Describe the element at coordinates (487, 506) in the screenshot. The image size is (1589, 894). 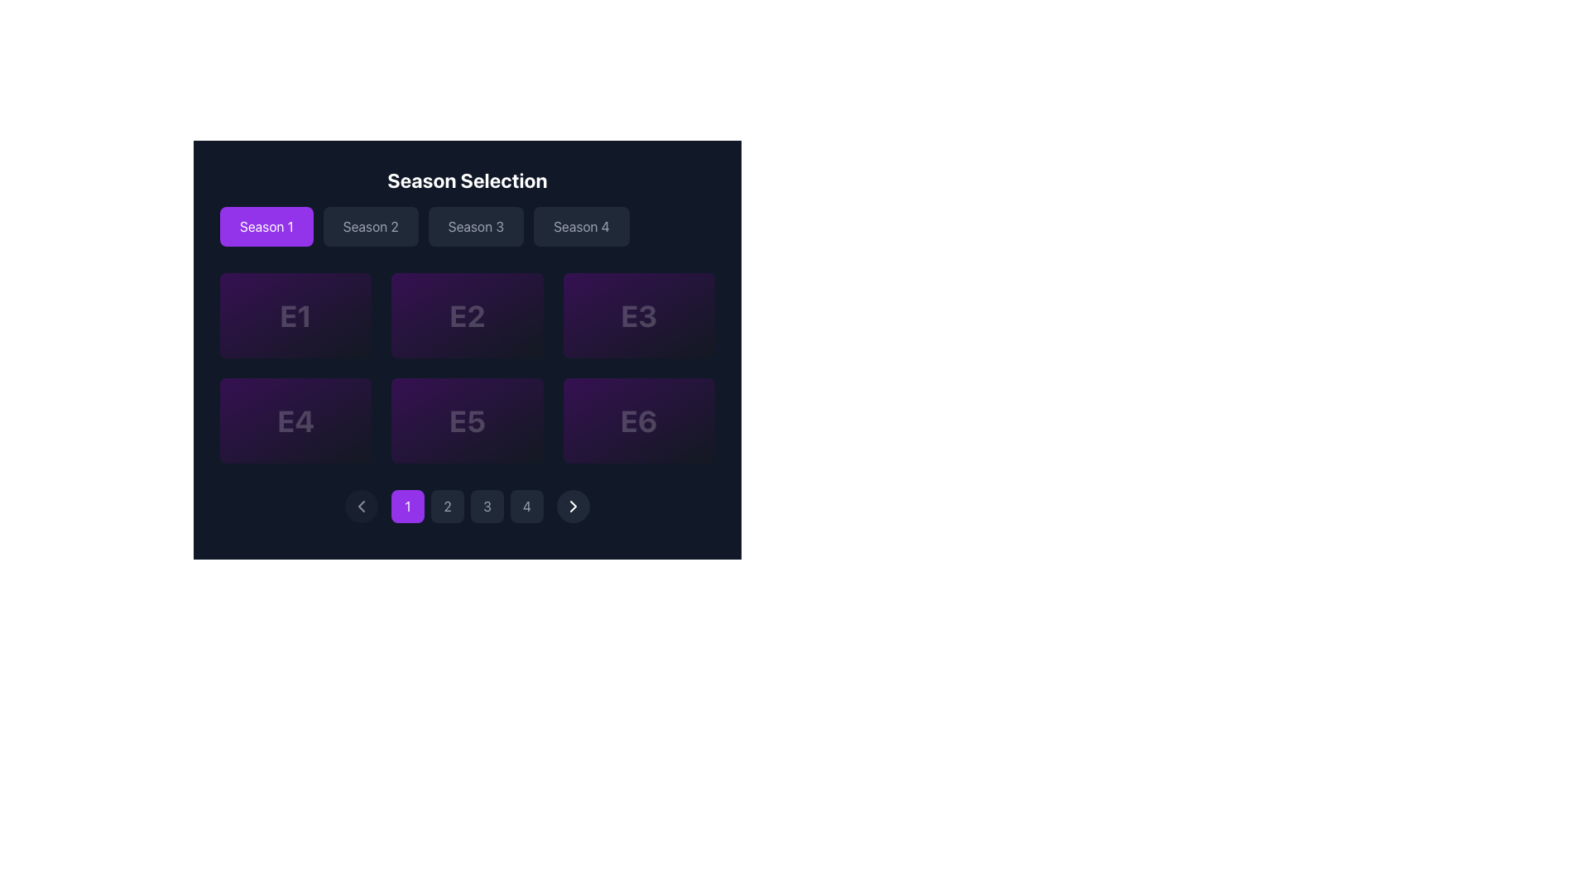
I see `the third pagination button located at the bottom center of the interface` at that location.